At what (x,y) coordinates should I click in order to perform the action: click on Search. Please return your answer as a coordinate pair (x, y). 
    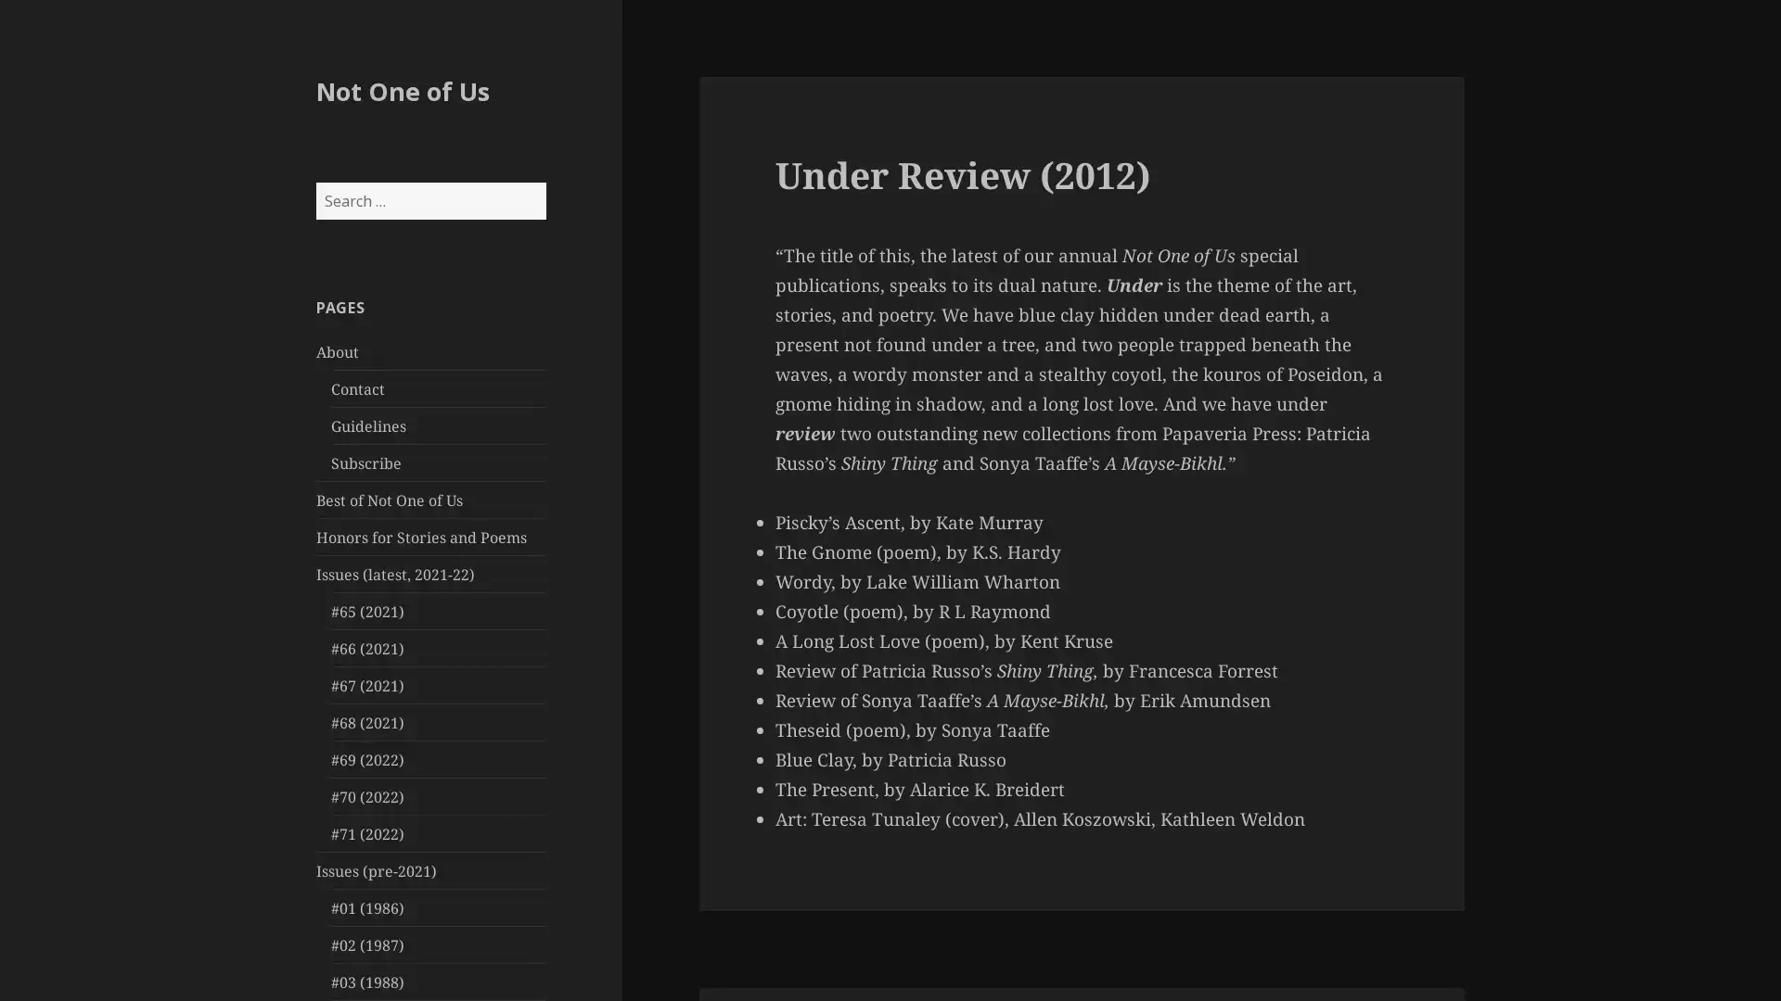
    Looking at the image, I should click on (544, 182).